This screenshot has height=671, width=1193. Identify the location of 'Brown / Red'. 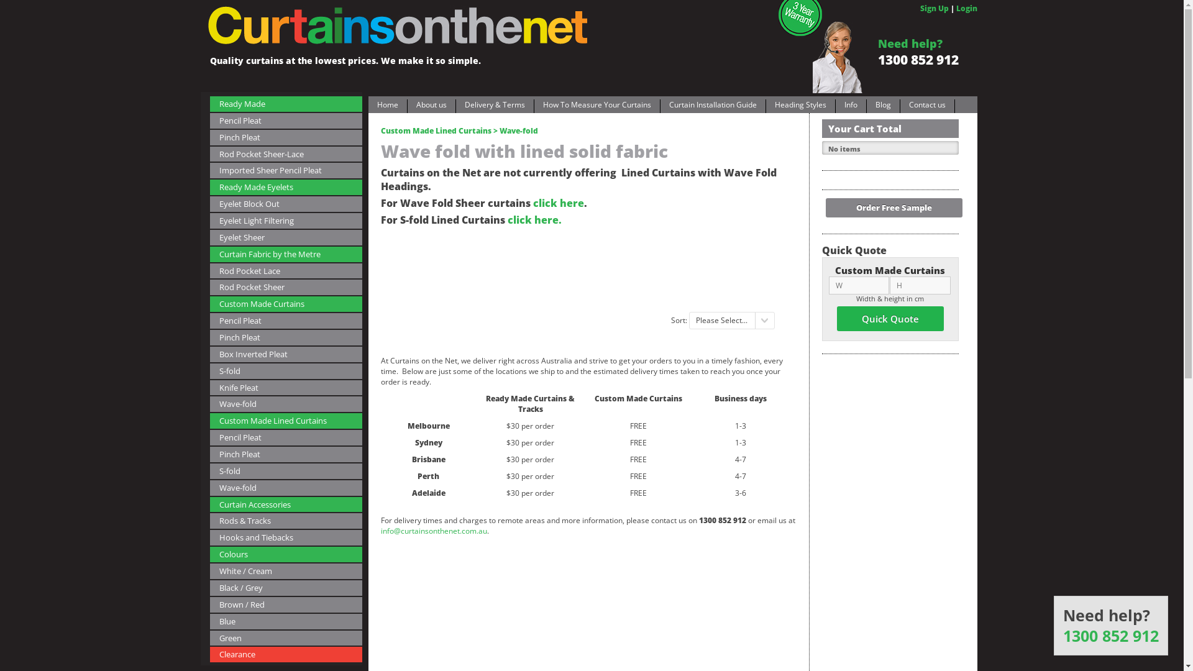
(285, 604).